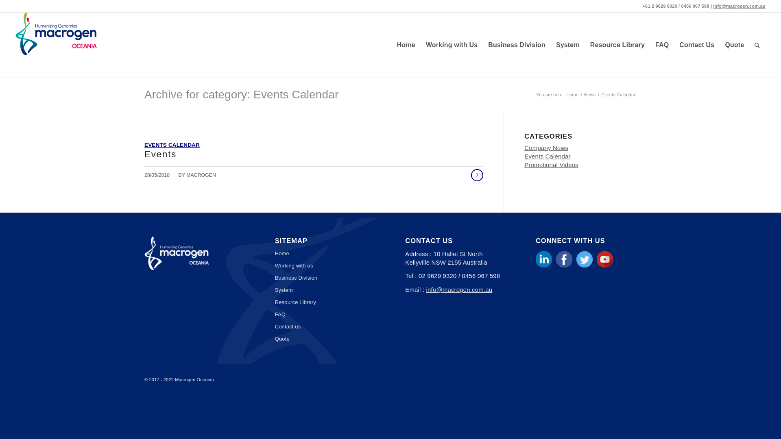 The image size is (781, 439). What do you see at coordinates (160, 154) in the screenshot?
I see `'Events'` at bounding box center [160, 154].